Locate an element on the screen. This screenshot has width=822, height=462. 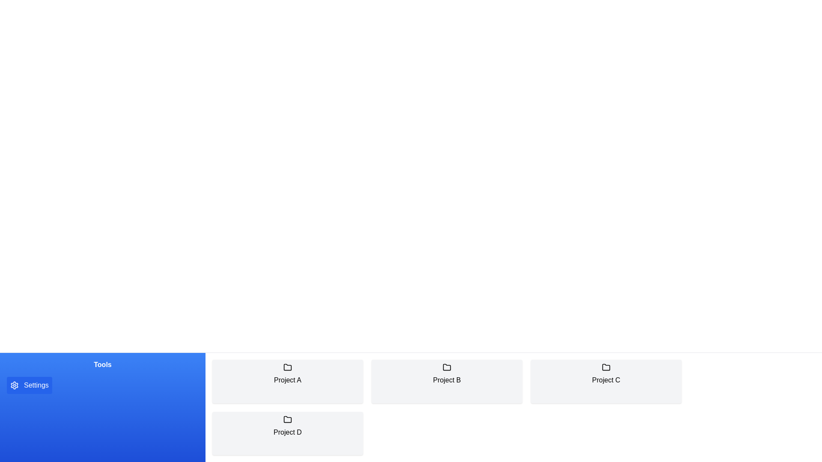
the folder icon located at the top center of the 'Project D' card, which is the fourth card in the lower row of a two-row layout is located at coordinates (288, 419).